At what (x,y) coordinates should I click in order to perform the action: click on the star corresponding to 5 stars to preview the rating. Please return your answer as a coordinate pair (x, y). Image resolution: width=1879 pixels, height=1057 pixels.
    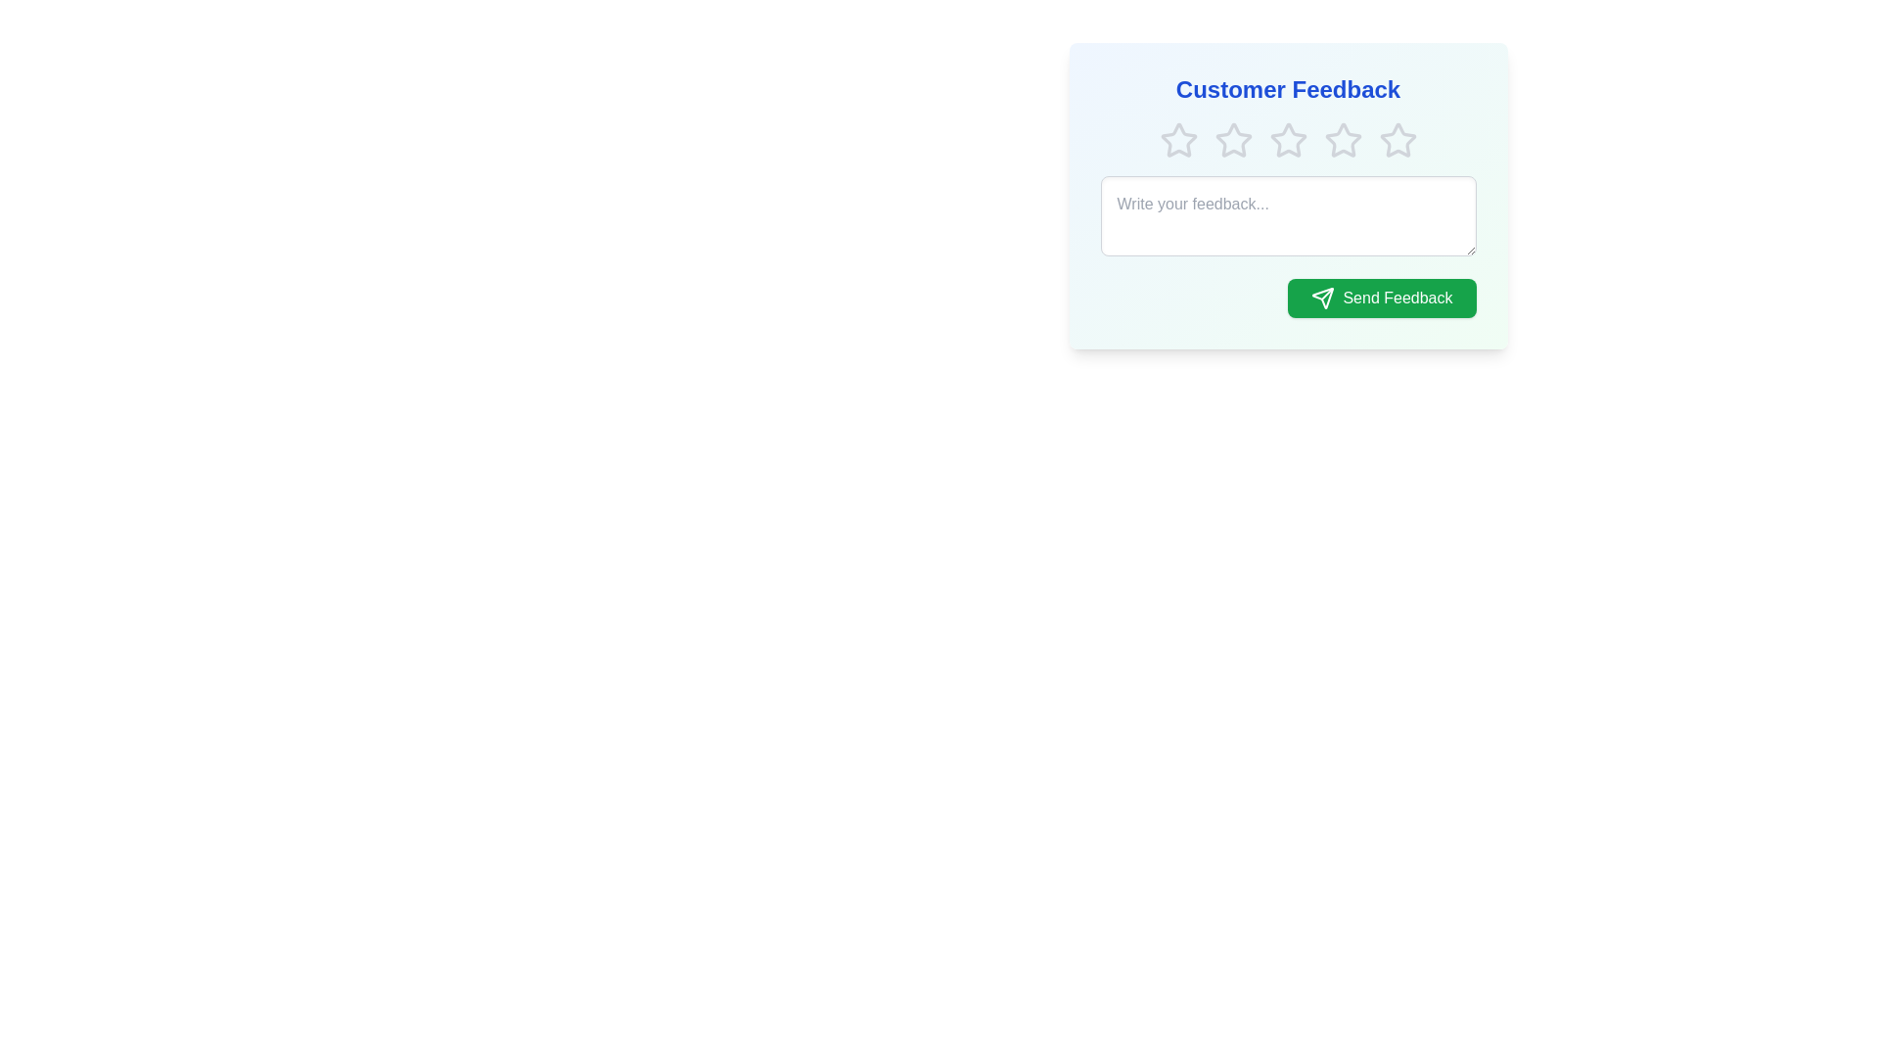
    Looking at the image, I should click on (1397, 139).